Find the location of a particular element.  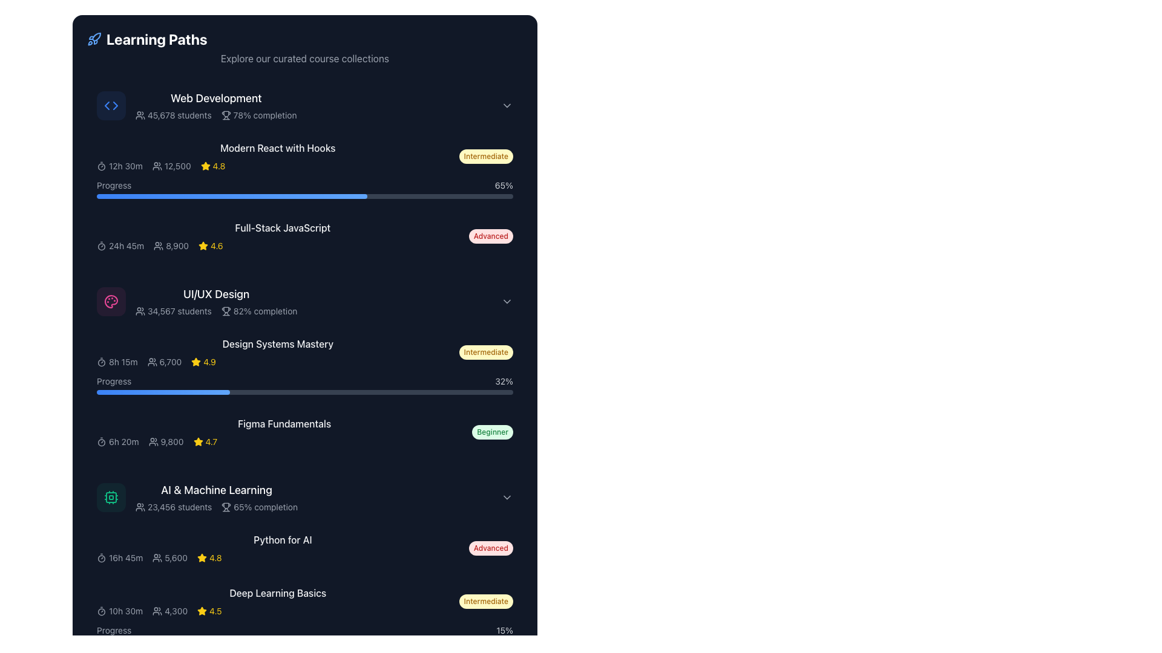

the rating score displayed to the right of the star icon for the 'Python for AI' course in the 'AI & Machine Learning' section is located at coordinates (215, 557).